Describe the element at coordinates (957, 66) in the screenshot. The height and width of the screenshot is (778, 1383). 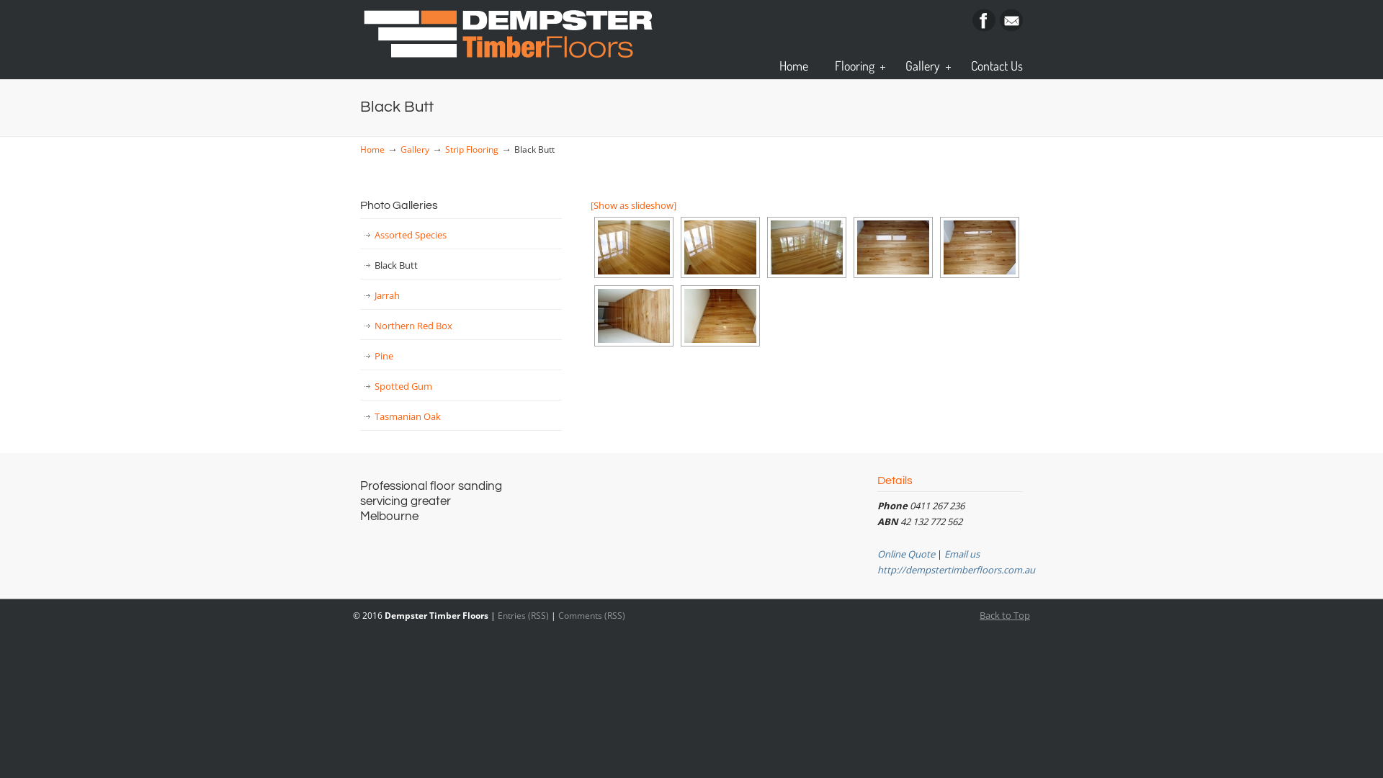
I see `'Contact Us'` at that location.